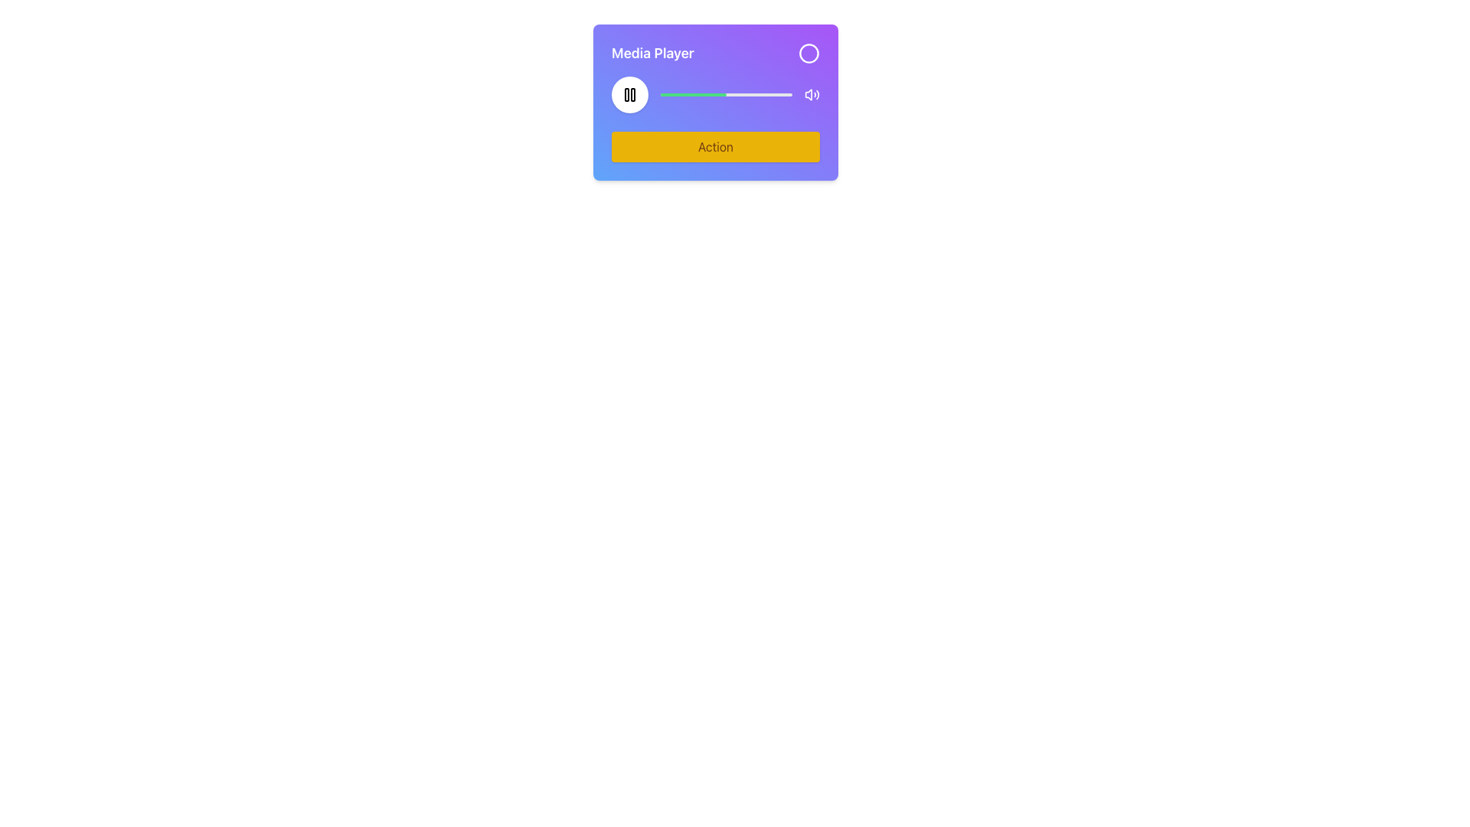 The width and height of the screenshot is (1470, 827). Describe the element at coordinates (693, 94) in the screenshot. I see `the green progress bar located in the upper half of the media player's card layout, which visually represents progress within the player` at that location.